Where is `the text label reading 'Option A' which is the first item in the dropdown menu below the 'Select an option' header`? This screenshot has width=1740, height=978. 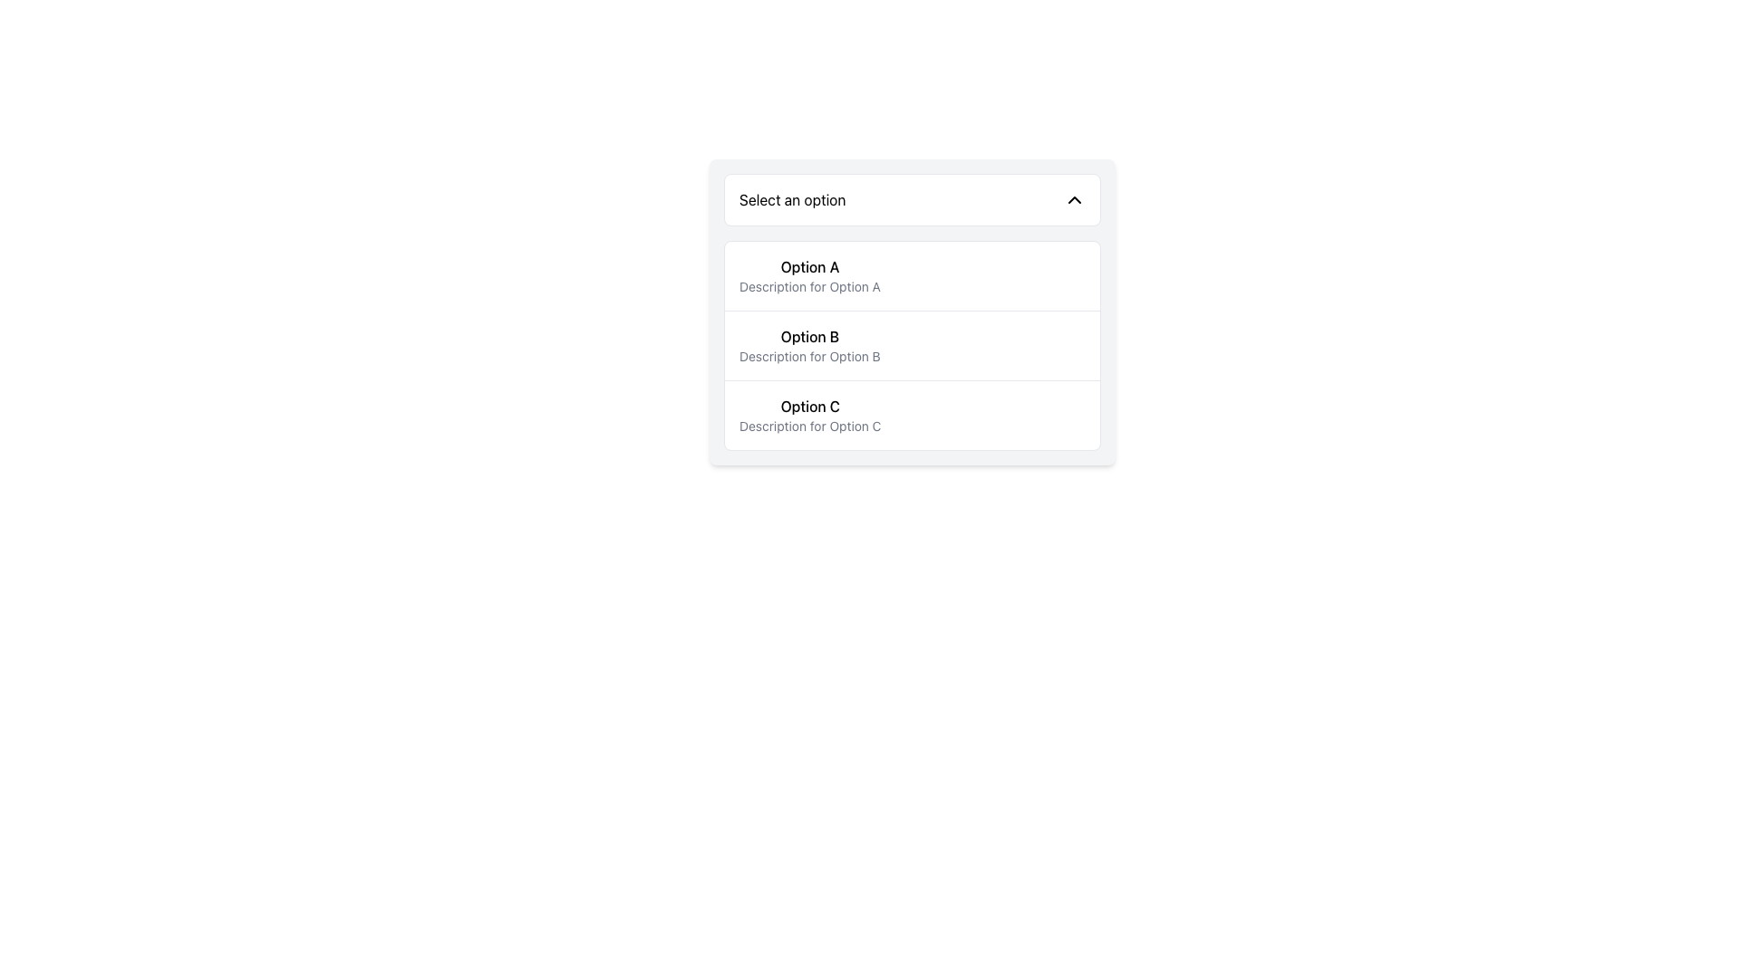 the text label reading 'Option A' which is the first item in the dropdown menu below the 'Select an option' header is located at coordinates (808, 266).